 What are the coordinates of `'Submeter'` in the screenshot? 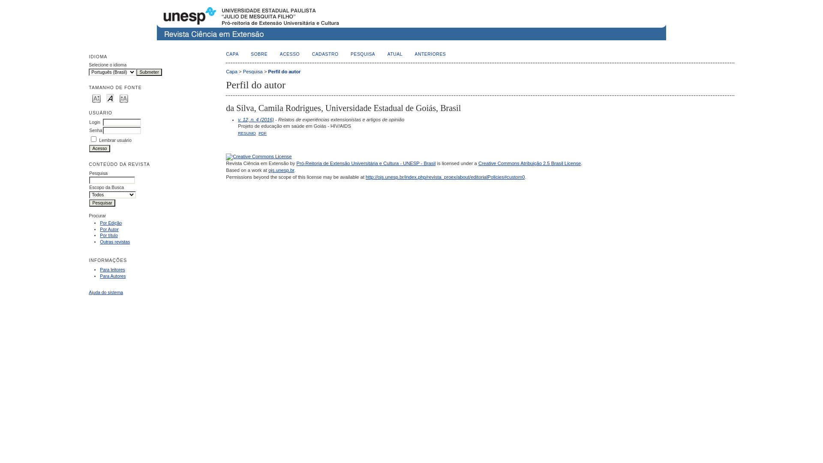 It's located at (149, 72).